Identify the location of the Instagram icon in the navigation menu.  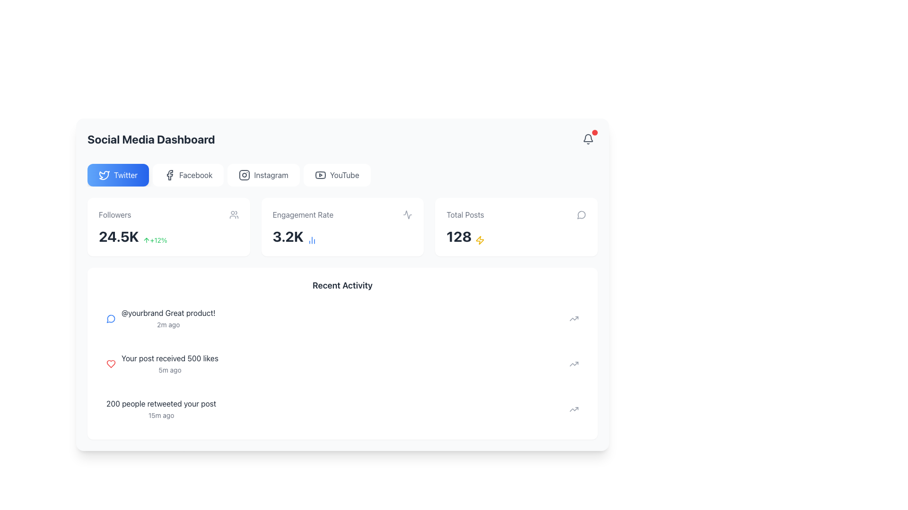
(244, 175).